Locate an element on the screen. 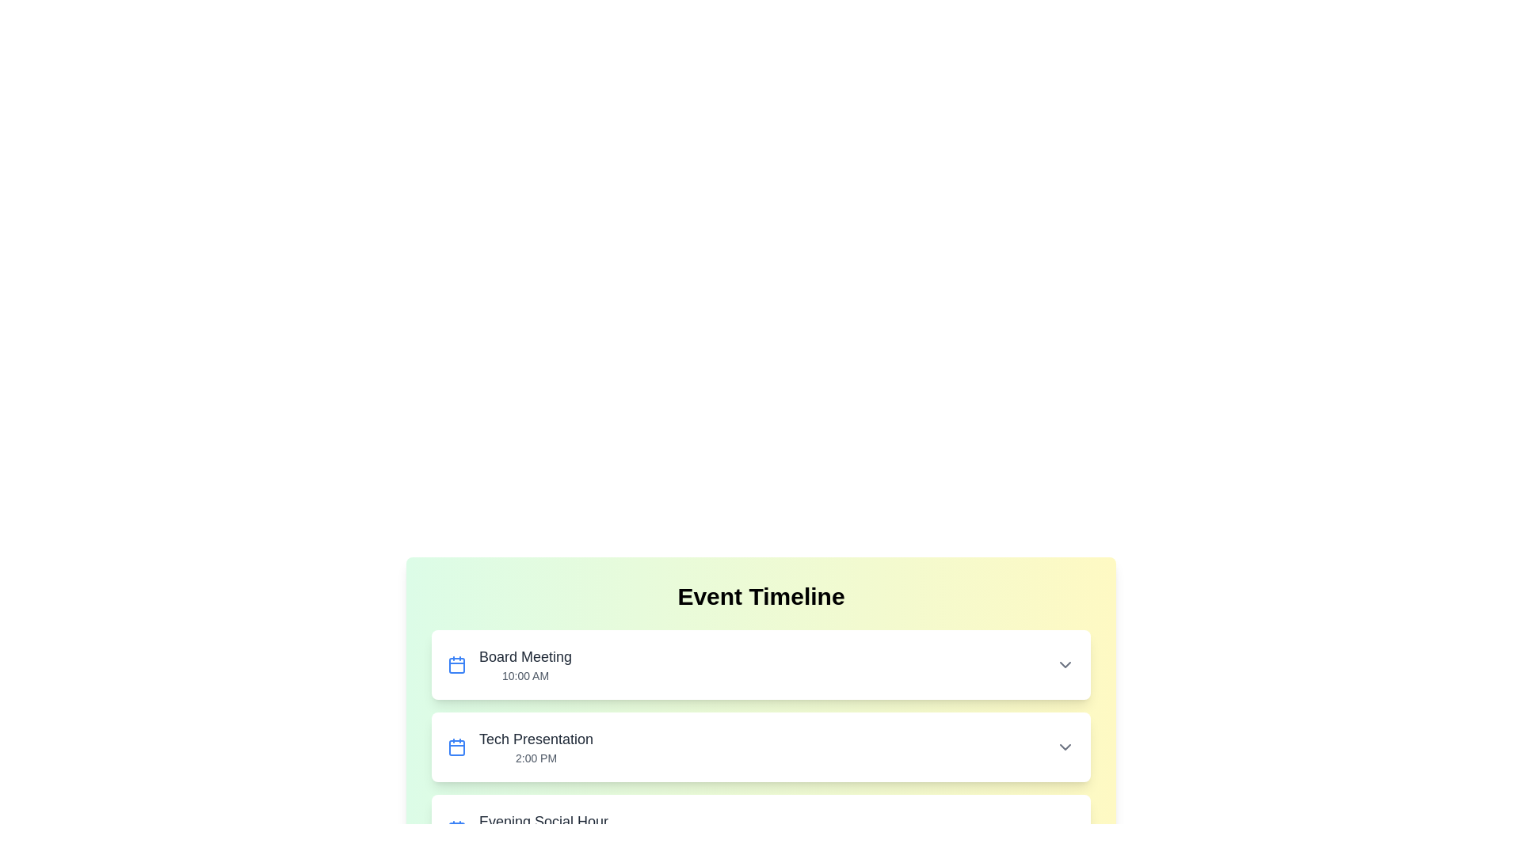  the calendar icon SVG element located to the left of the 'Tech Presentation' item in the event timeline, positioned between 'Board Meeting' and 'Evening Social Hour' is located at coordinates (456, 748).